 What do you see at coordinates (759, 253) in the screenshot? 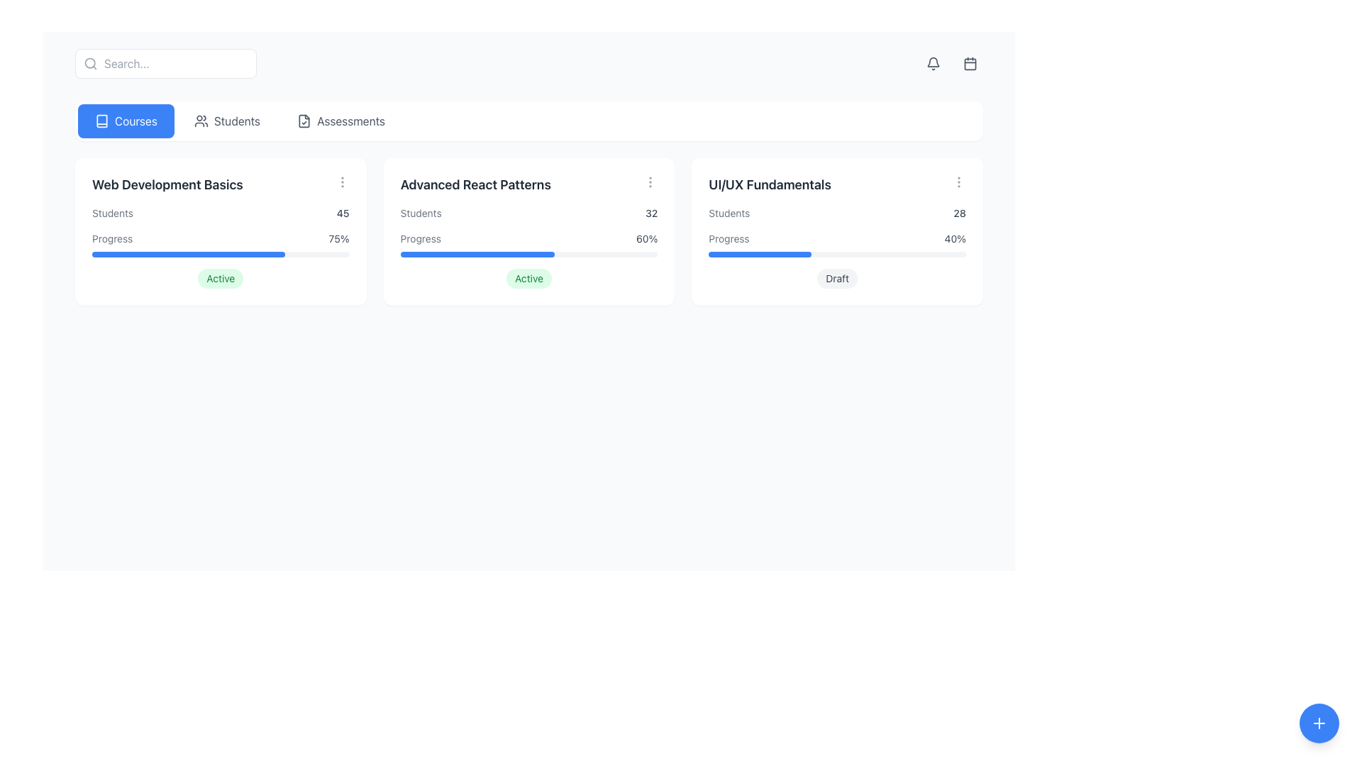
I see `the filled portion of the progress bar in the 'UI/UX Fundamentals' card, which is visually represented by a blue color and is located at approximately 40% of the width from the left side of the progress bar` at bounding box center [759, 253].